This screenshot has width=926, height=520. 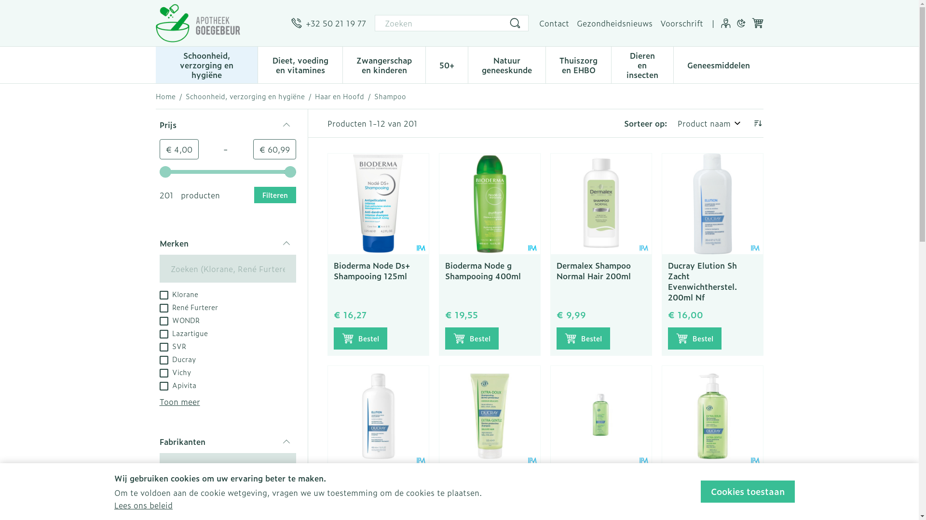 What do you see at coordinates (197, 22) in the screenshot?
I see `'Apotheek L. Goegebeur'` at bounding box center [197, 22].